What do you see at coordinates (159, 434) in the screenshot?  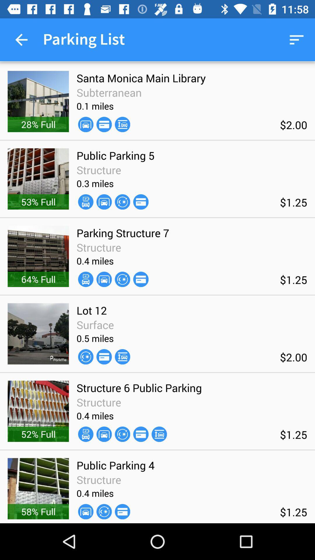 I see `the item below the structure 6 public` at bounding box center [159, 434].